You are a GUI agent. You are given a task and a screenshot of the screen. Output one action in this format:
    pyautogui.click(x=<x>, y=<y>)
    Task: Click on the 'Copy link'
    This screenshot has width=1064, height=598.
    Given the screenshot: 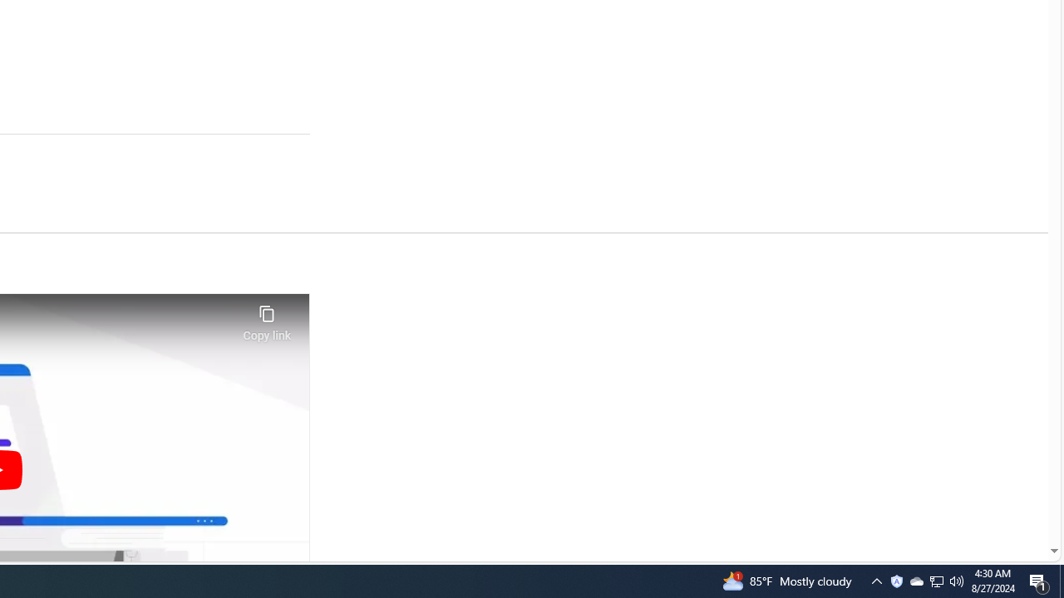 What is the action you would take?
    pyautogui.click(x=266, y=318)
    